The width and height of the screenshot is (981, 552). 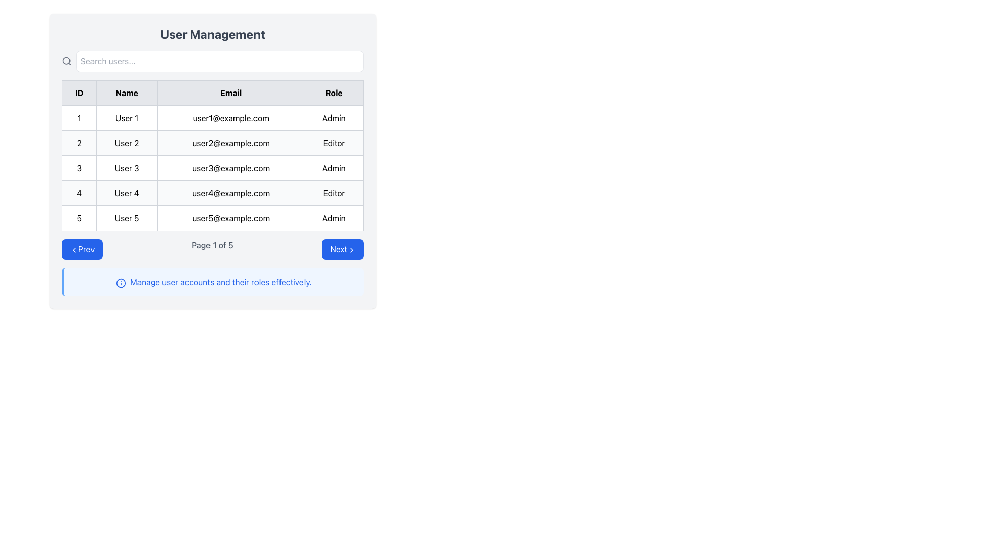 I want to click on the table row element displaying ID '3', Name 'User 3', Email 'user3@example.com', and Role 'Admin', located in the management table as the third row from the top, so click(x=212, y=167).